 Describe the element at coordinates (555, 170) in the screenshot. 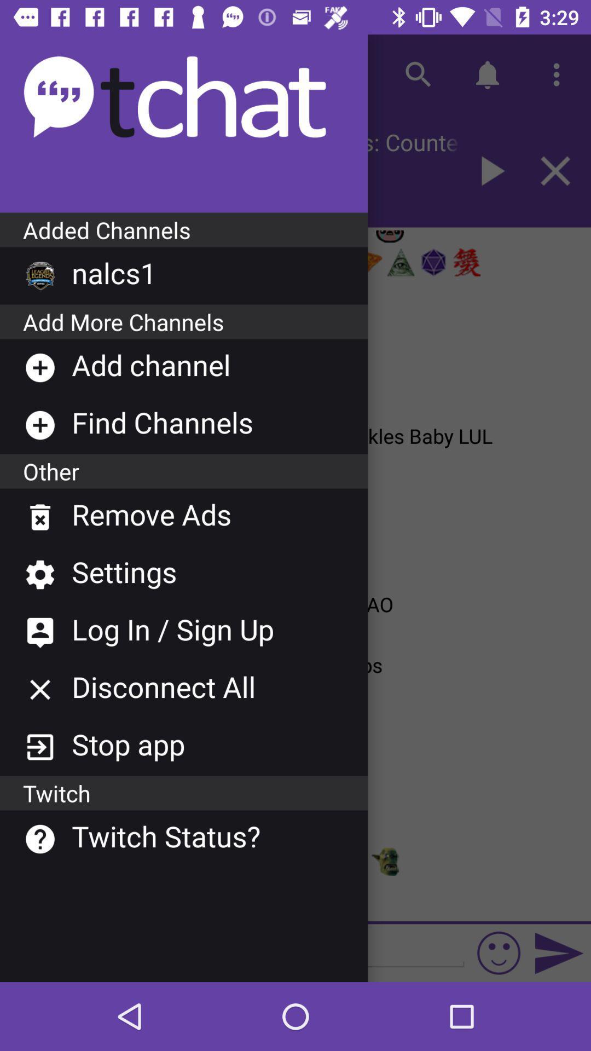

I see `the close icon` at that location.